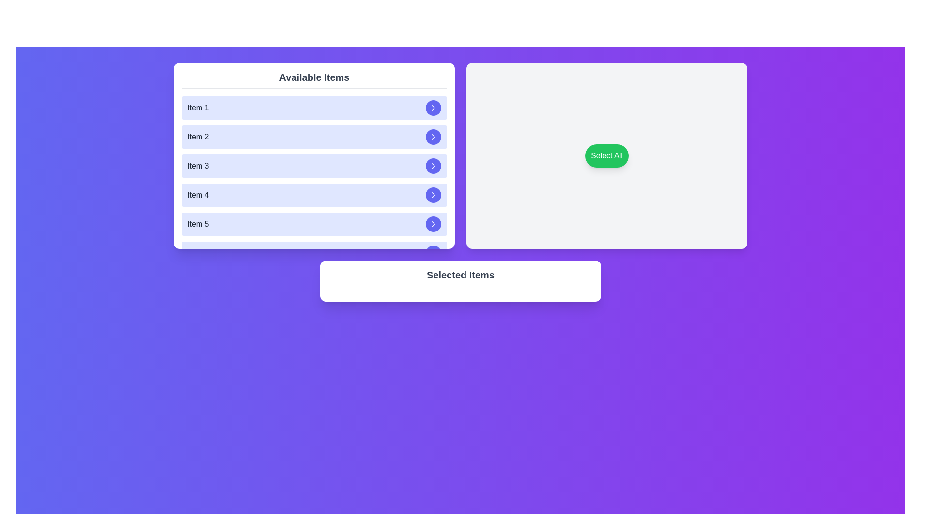  What do you see at coordinates (433, 137) in the screenshot?
I see `the arrow icon button, which is a right-pointing arrow inside a blue circular button, located next` at bounding box center [433, 137].